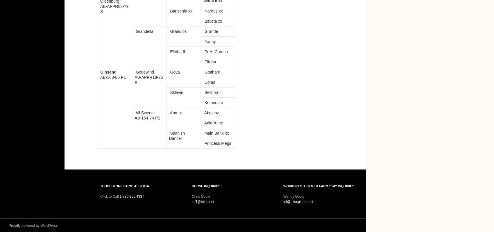  Describe the element at coordinates (207, 185) in the screenshot. I see `'Horse Inquiries :'` at that location.